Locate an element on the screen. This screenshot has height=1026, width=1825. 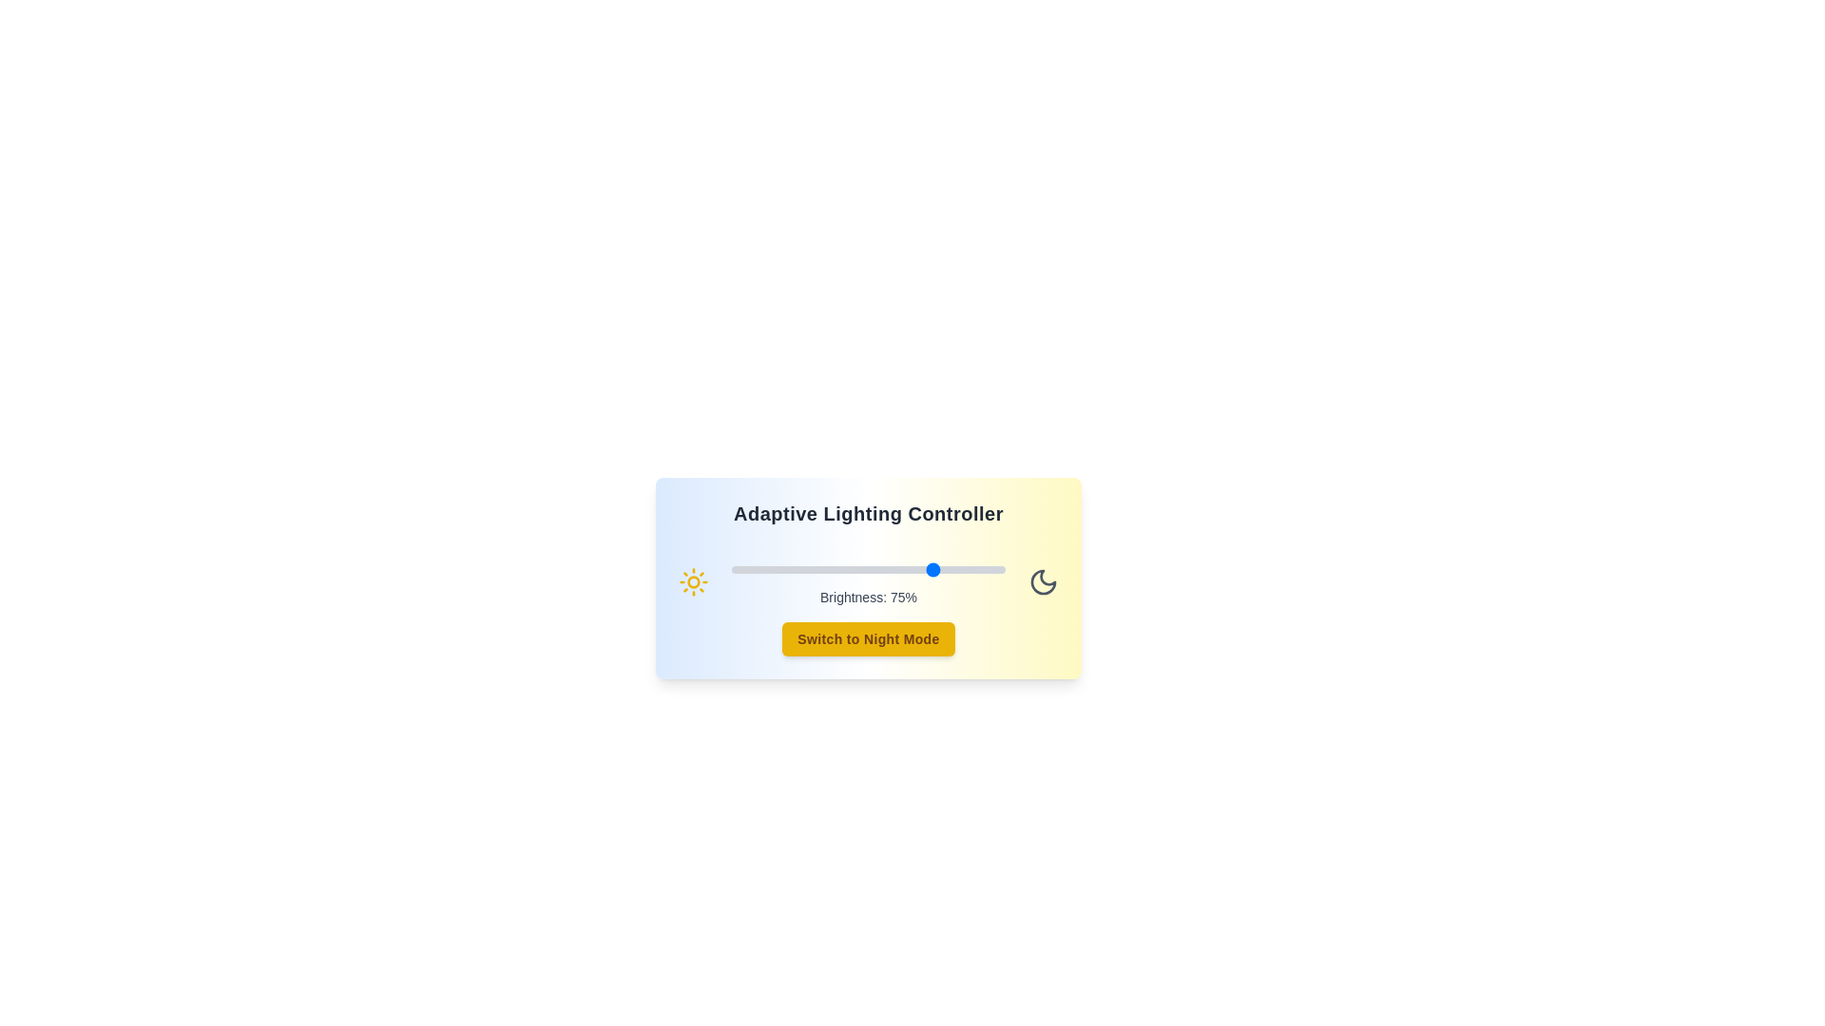
the dark gray moon icon, which is located on the rightmost side of the interface is located at coordinates (1043, 581).